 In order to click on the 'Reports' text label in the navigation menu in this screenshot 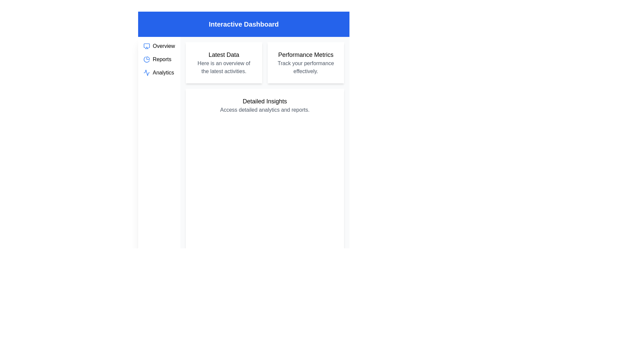, I will do `click(162, 59)`.